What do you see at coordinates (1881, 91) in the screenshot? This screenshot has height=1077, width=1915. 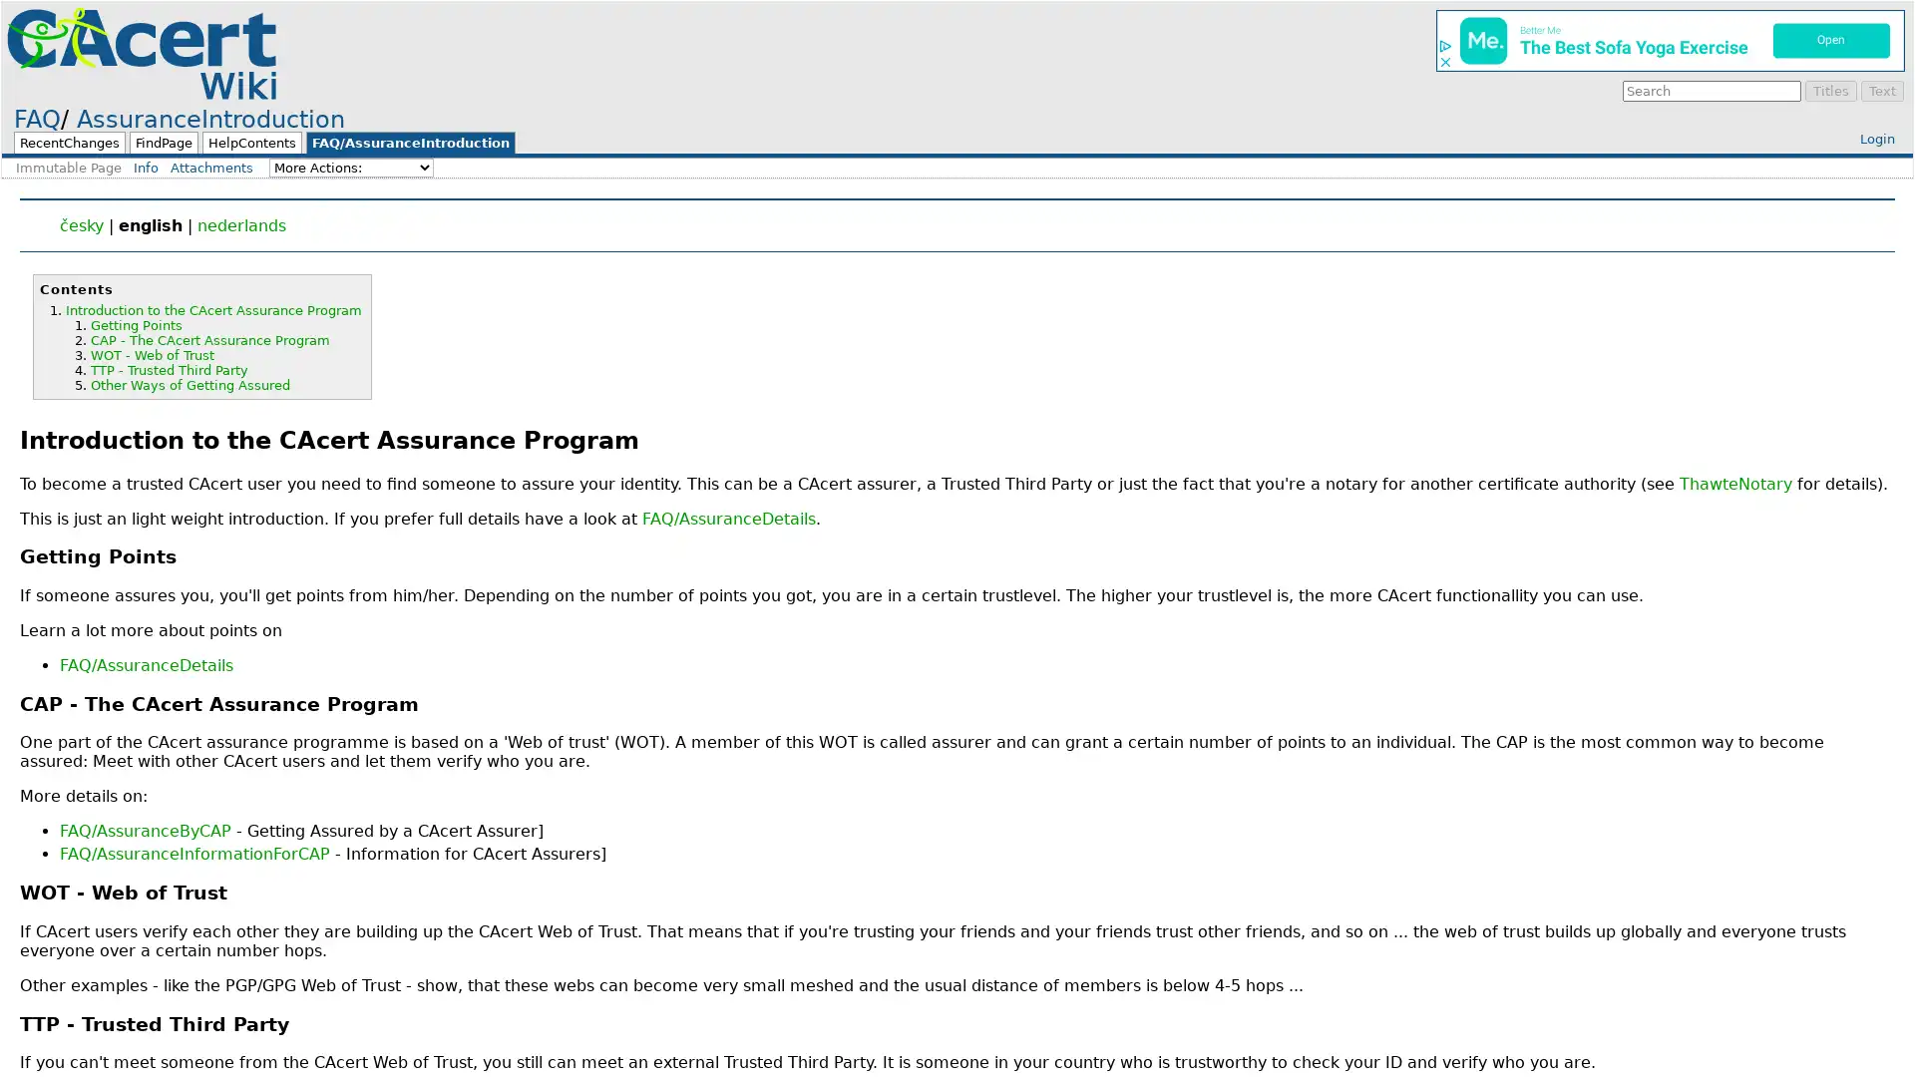 I see `Text` at bounding box center [1881, 91].